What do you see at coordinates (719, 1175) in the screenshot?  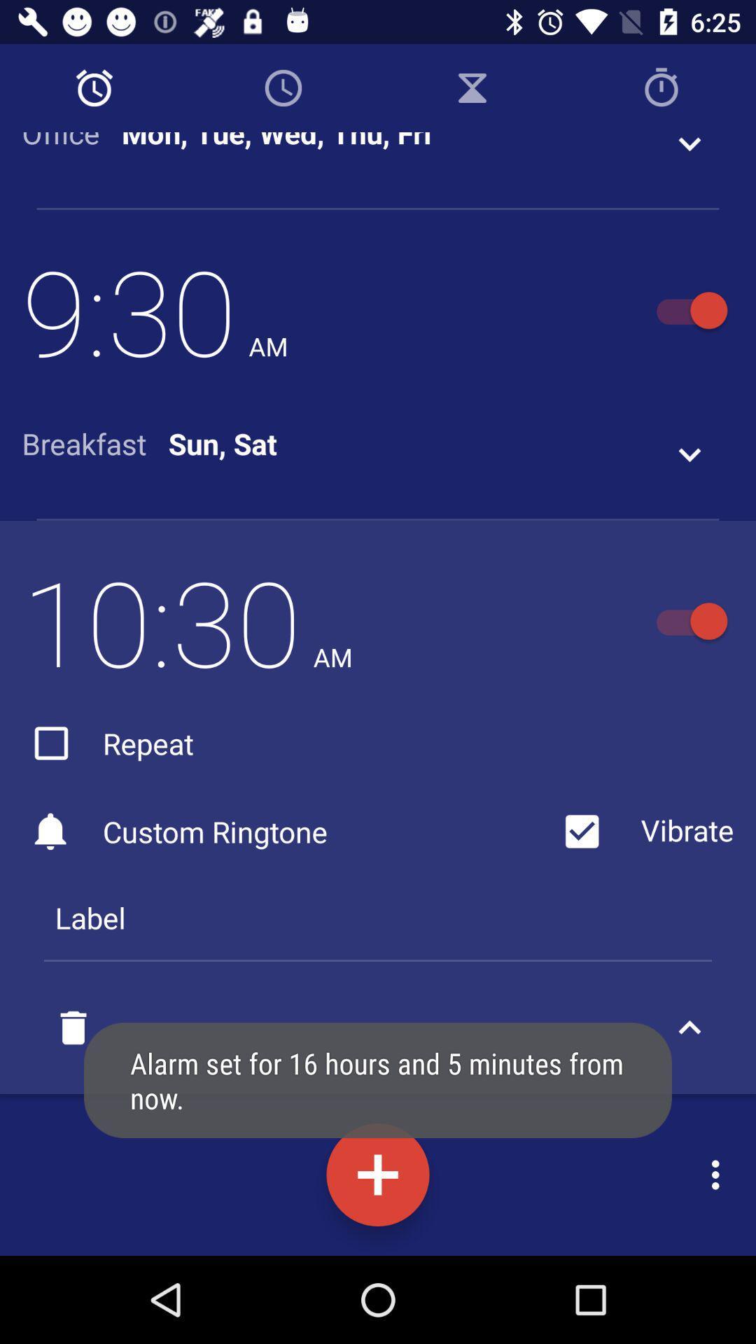 I see `the more icon` at bounding box center [719, 1175].